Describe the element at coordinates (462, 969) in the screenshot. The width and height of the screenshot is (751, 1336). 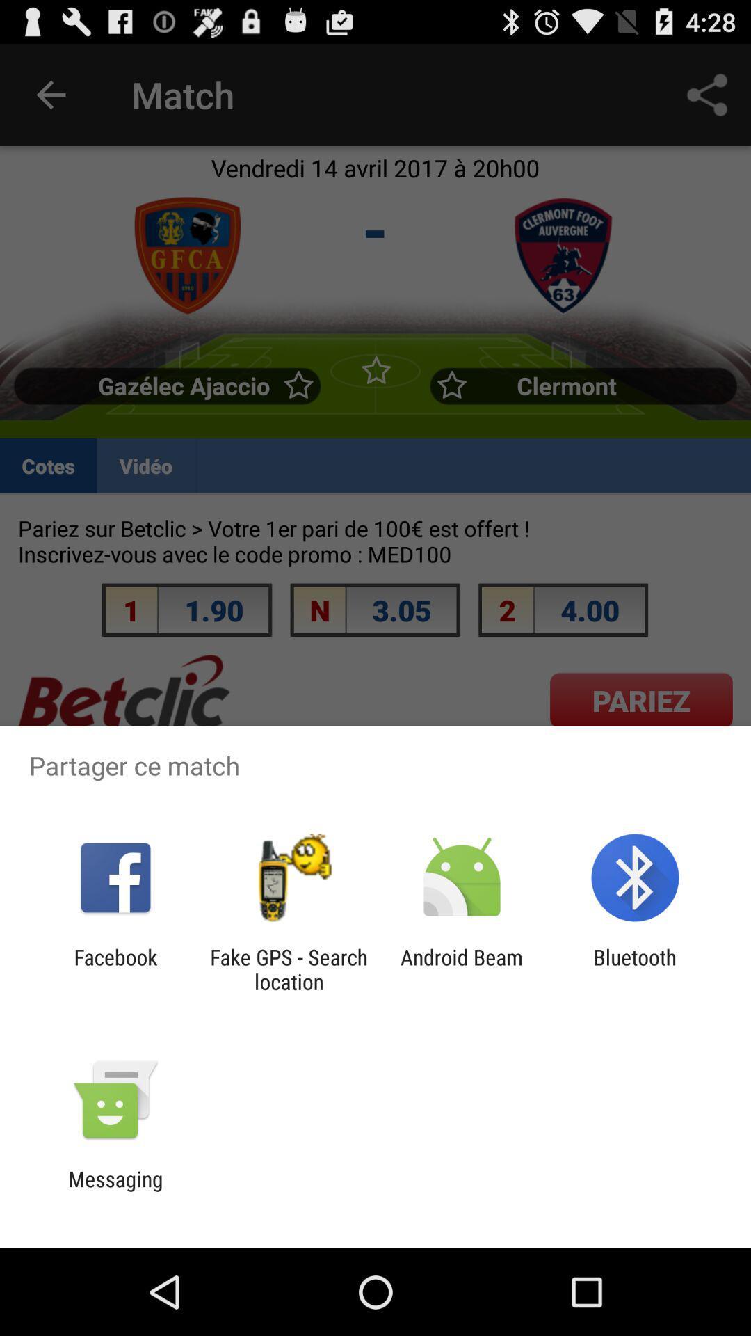
I see `app to the right of the fake gps search` at that location.